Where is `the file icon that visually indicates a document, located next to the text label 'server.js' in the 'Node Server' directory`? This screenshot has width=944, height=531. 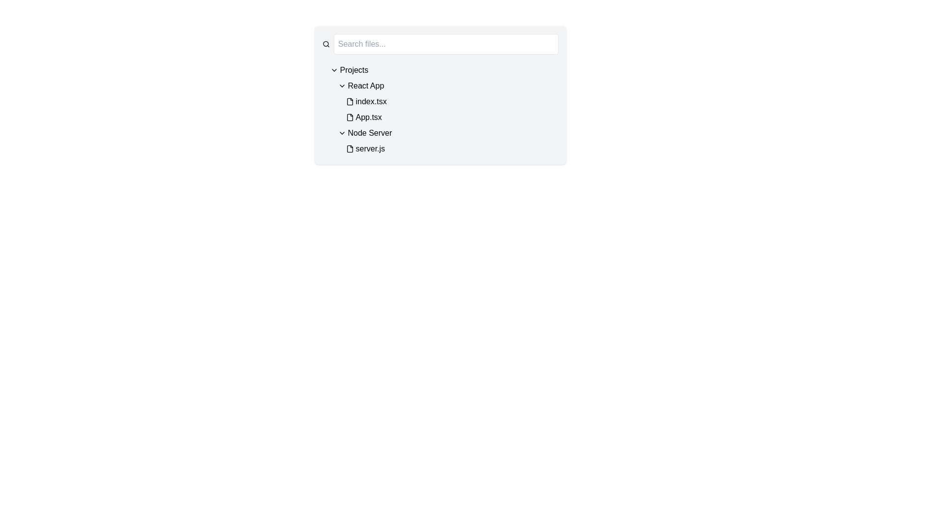 the file icon that visually indicates a document, located next to the text label 'server.js' in the 'Node Server' directory is located at coordinates (350, 149).